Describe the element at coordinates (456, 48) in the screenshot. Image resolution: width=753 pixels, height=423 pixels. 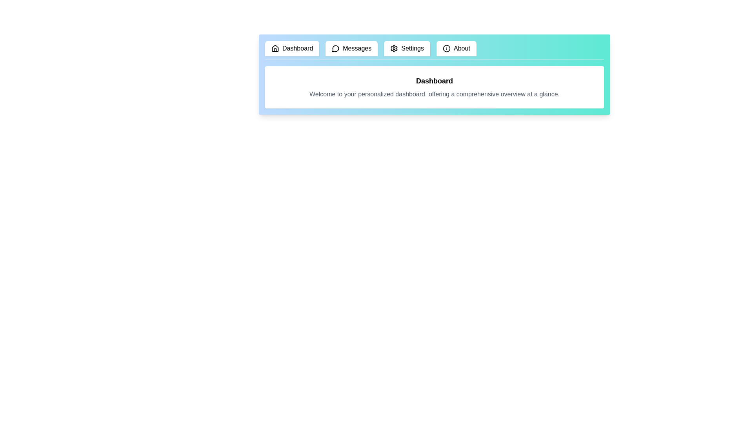
I see `the tab labeled About to activate it` at that location.